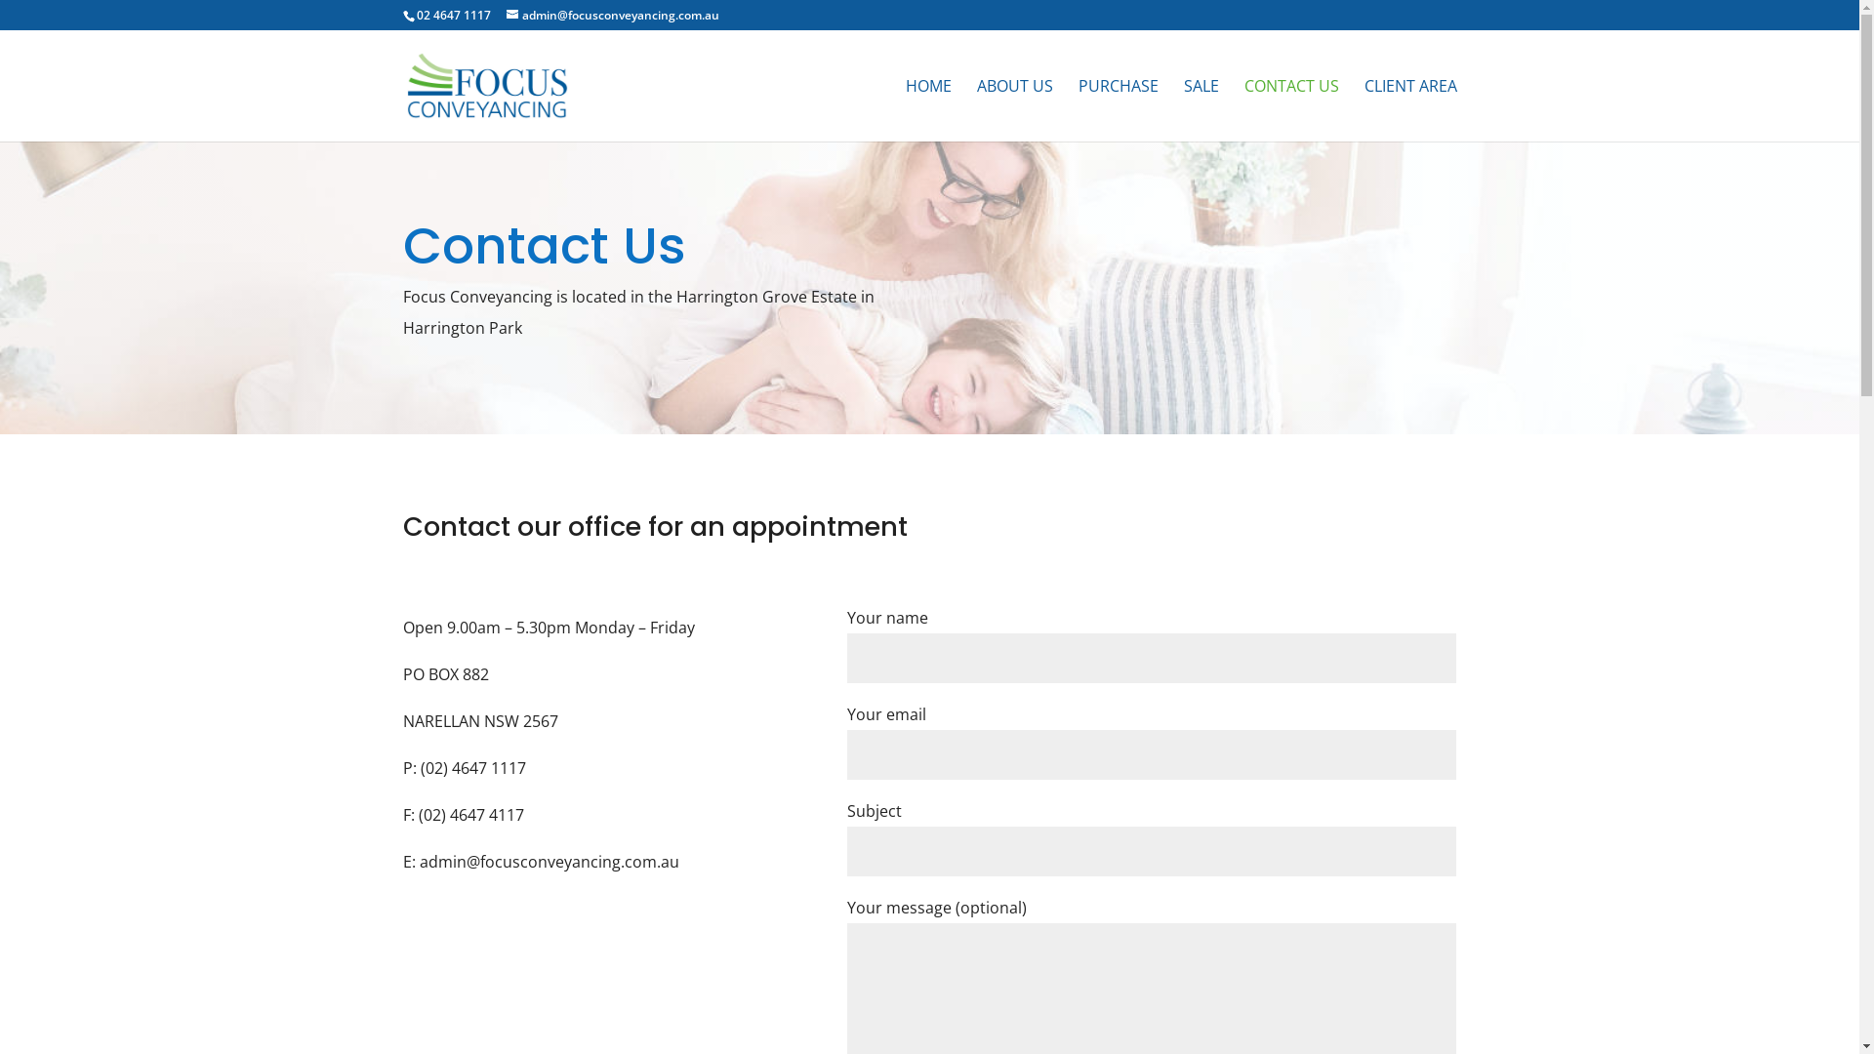 This screenshot has width=1874, height=1054. Describe the element at coordinates (927, 109) in the screenshot. I see `'HOME'` at that location.